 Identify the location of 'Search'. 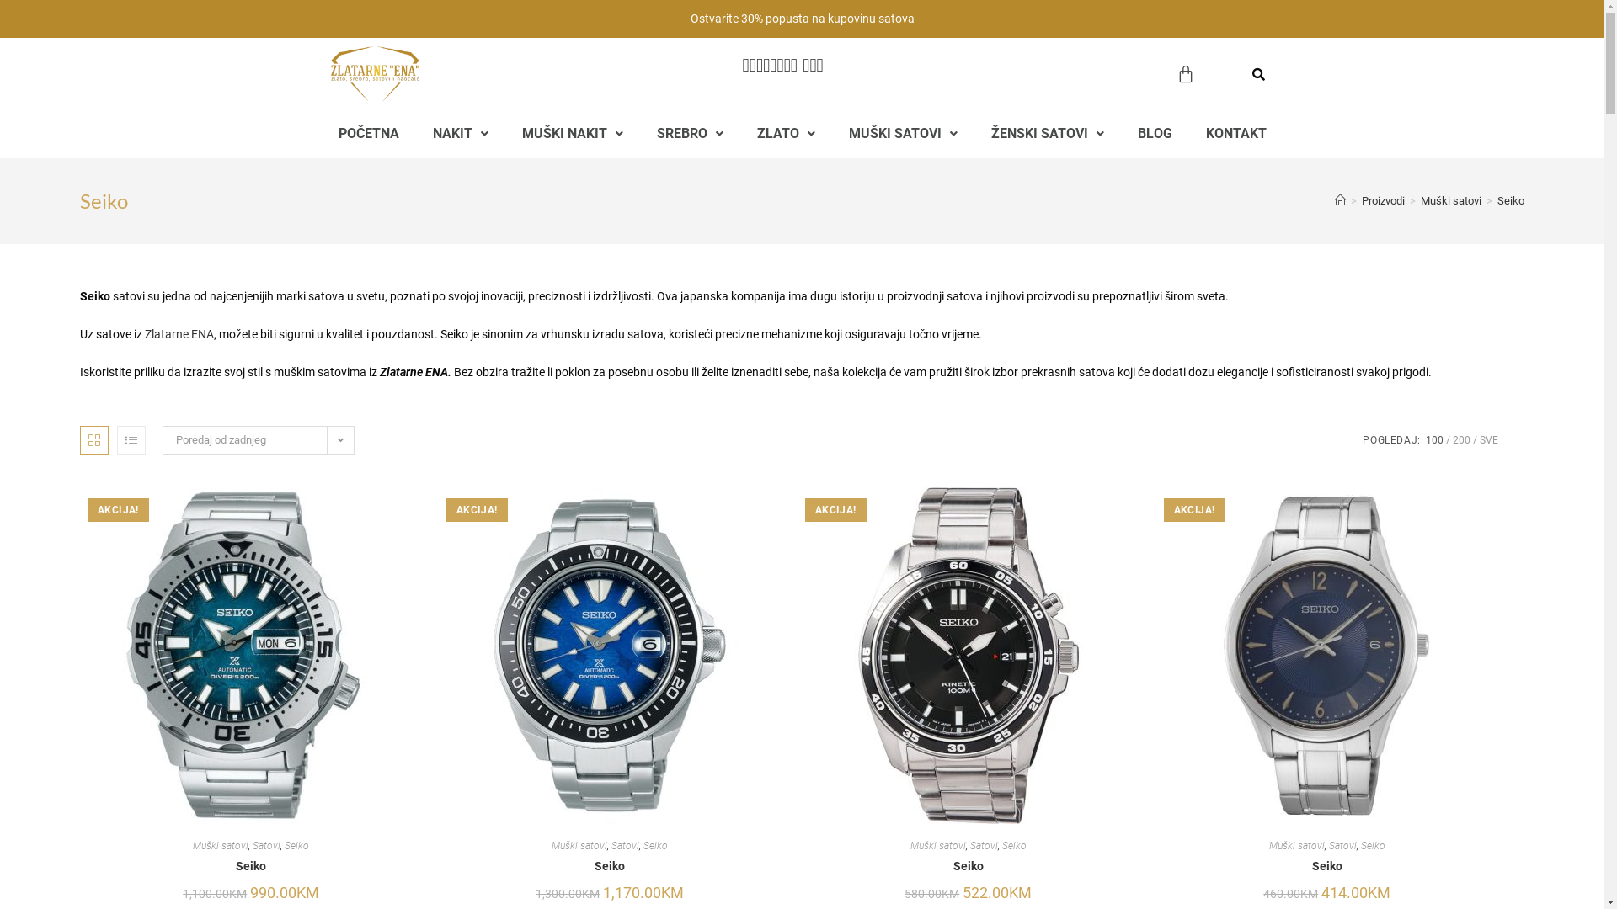
(1237, 77).